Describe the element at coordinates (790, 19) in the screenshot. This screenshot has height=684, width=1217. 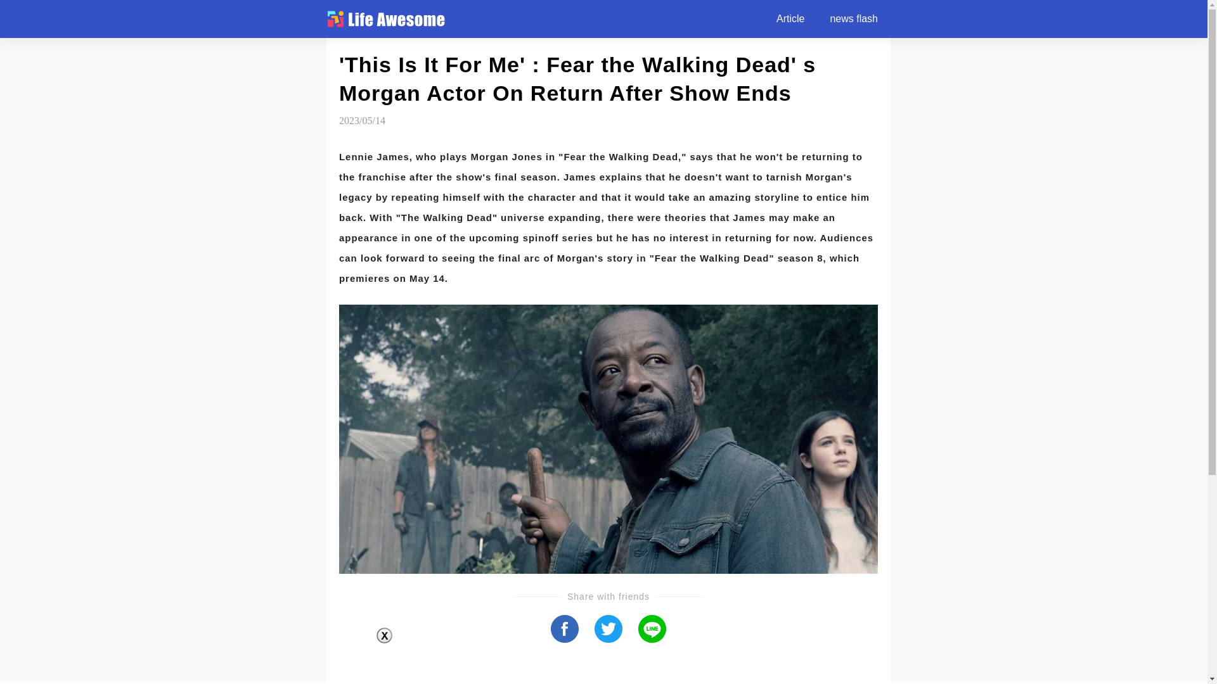
I see `'Article'` at that location.